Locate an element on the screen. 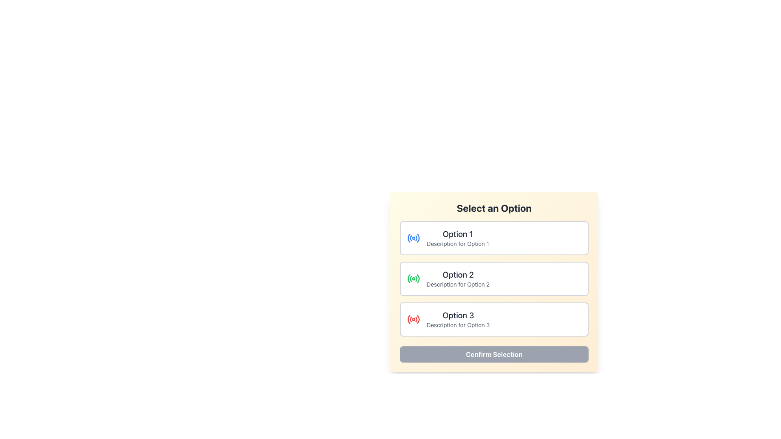 This screenshot has height=439, width=781. the text label that serves as the title for the third option in the vertical list, positioned at the bottom of the group is located at coordinates (458, 315).